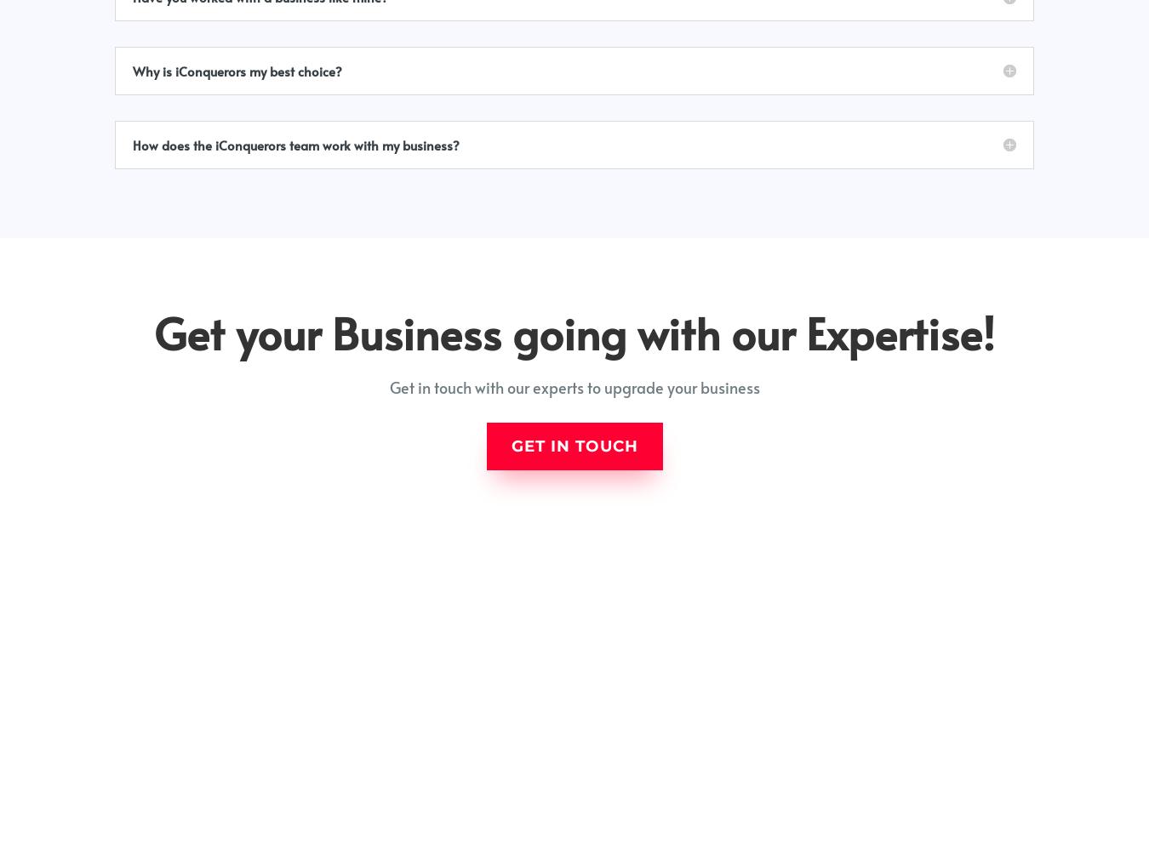  I want to click on 'Powered by', so click(917, 832).